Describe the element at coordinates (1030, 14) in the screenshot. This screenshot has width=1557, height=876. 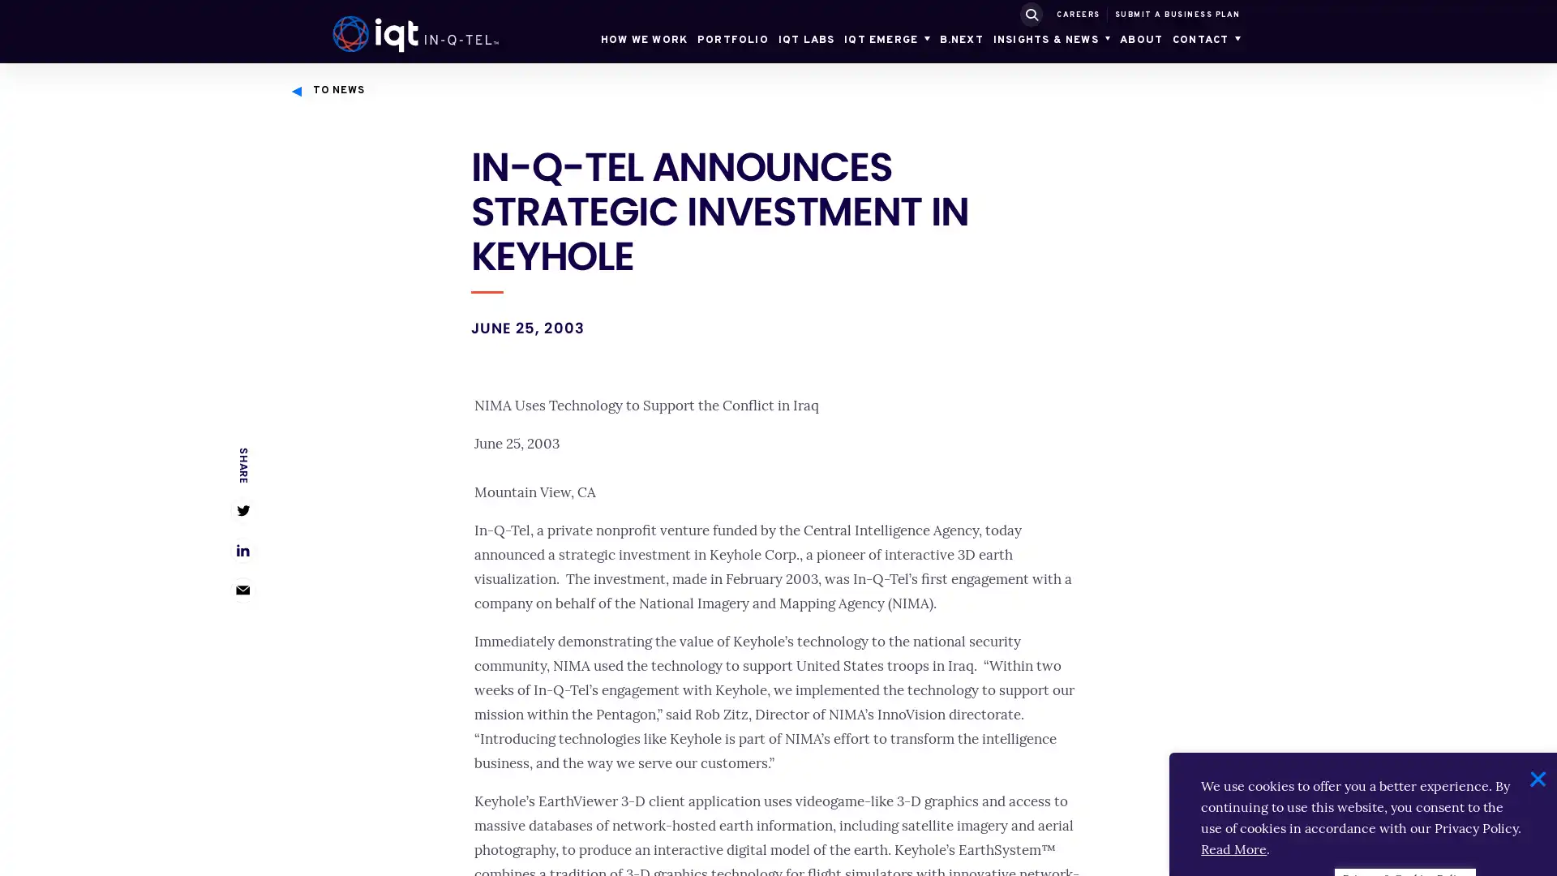
I see `SUBMIT` at that location.